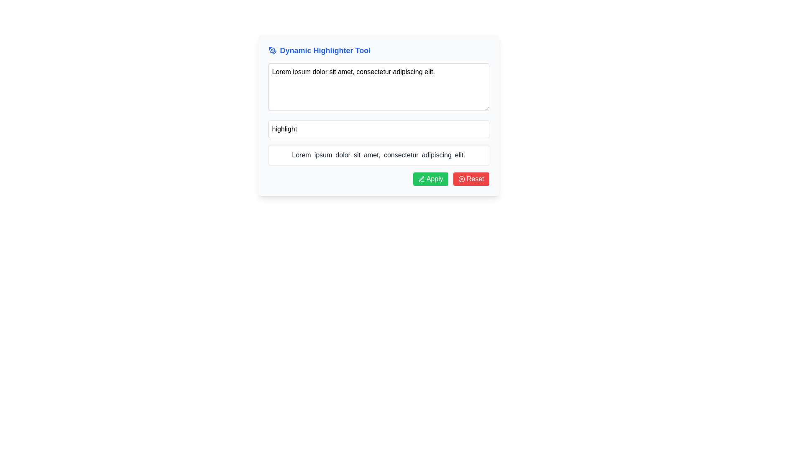 The image size is (803, 452). Describe the element at coordinates (322, 155) in the screenshot. I see `the text fragment displaying the word 'ipsum' which is the second word in the phrase 'Lorem ipsum dolor sit amet, consectetur adipiscing elit.'` at that location.